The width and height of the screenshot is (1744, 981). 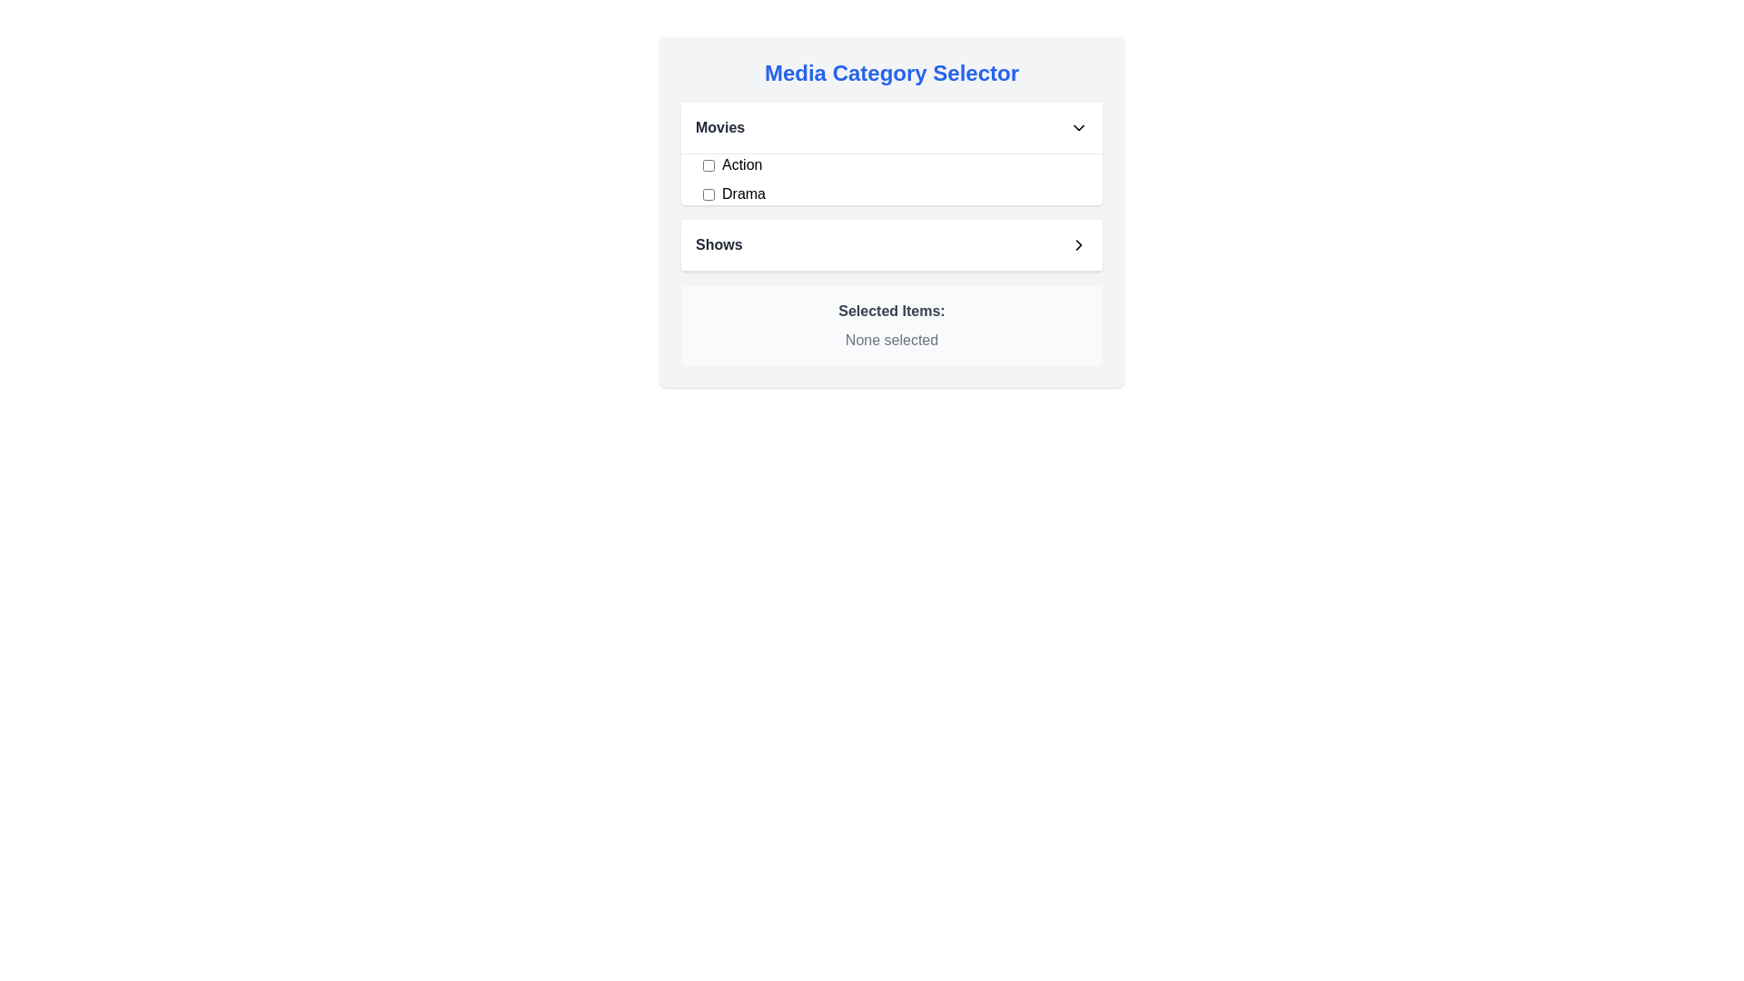 I want to click on the 'Selected Items:' label, which is displayed in bold, dark gray font and is part of the summary section above the 'None selected' text, so click(x=892, y=311).